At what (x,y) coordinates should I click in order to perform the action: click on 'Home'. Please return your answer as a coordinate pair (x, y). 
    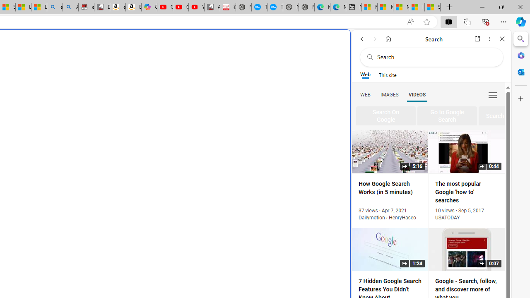
    Looking at the image, I should click on (388, 38).